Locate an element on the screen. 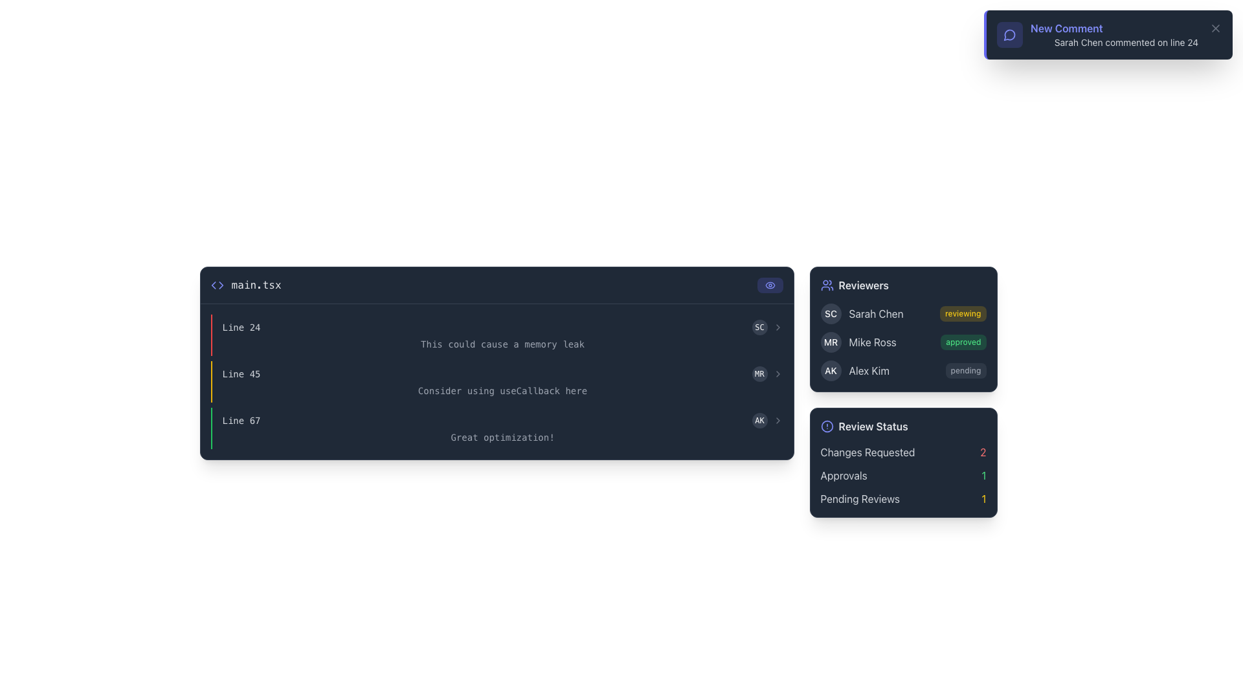 The width and height of the screenshot is (1243, 699). the static text header that indicates the review status section at the top of the segmented panel titled 'Review Status' is located at coordinates (902, 427).